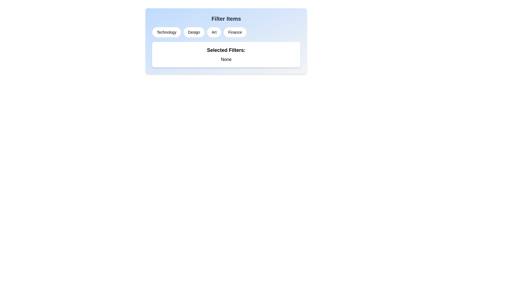 The height and width of the screenshot is (298, 531). What do you see at coordinates (235, 32) in the screenshot?
I see `the filter chip labeled Finance` at bounding box center [235, 32].